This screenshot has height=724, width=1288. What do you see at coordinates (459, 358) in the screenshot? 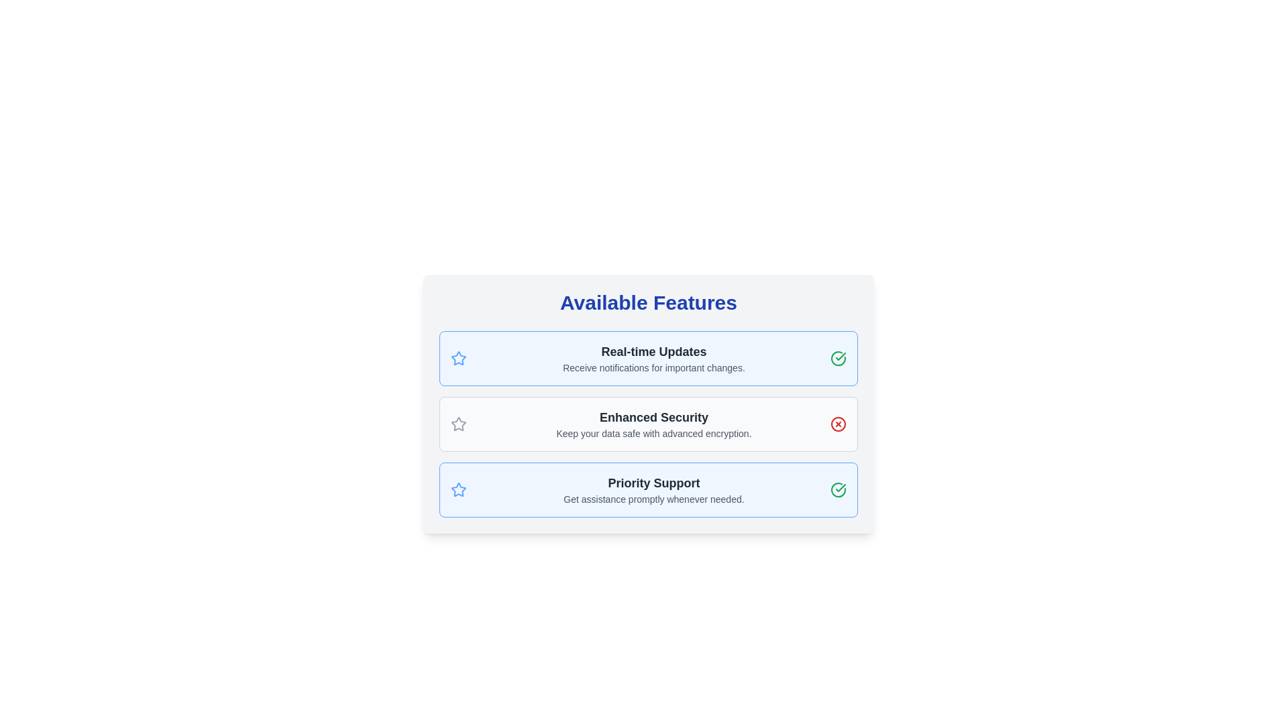
I see `the star icon element with a blue outline located within the 'Real-time Updates' card, positioned before the text content` at bounding box center [459, 358].